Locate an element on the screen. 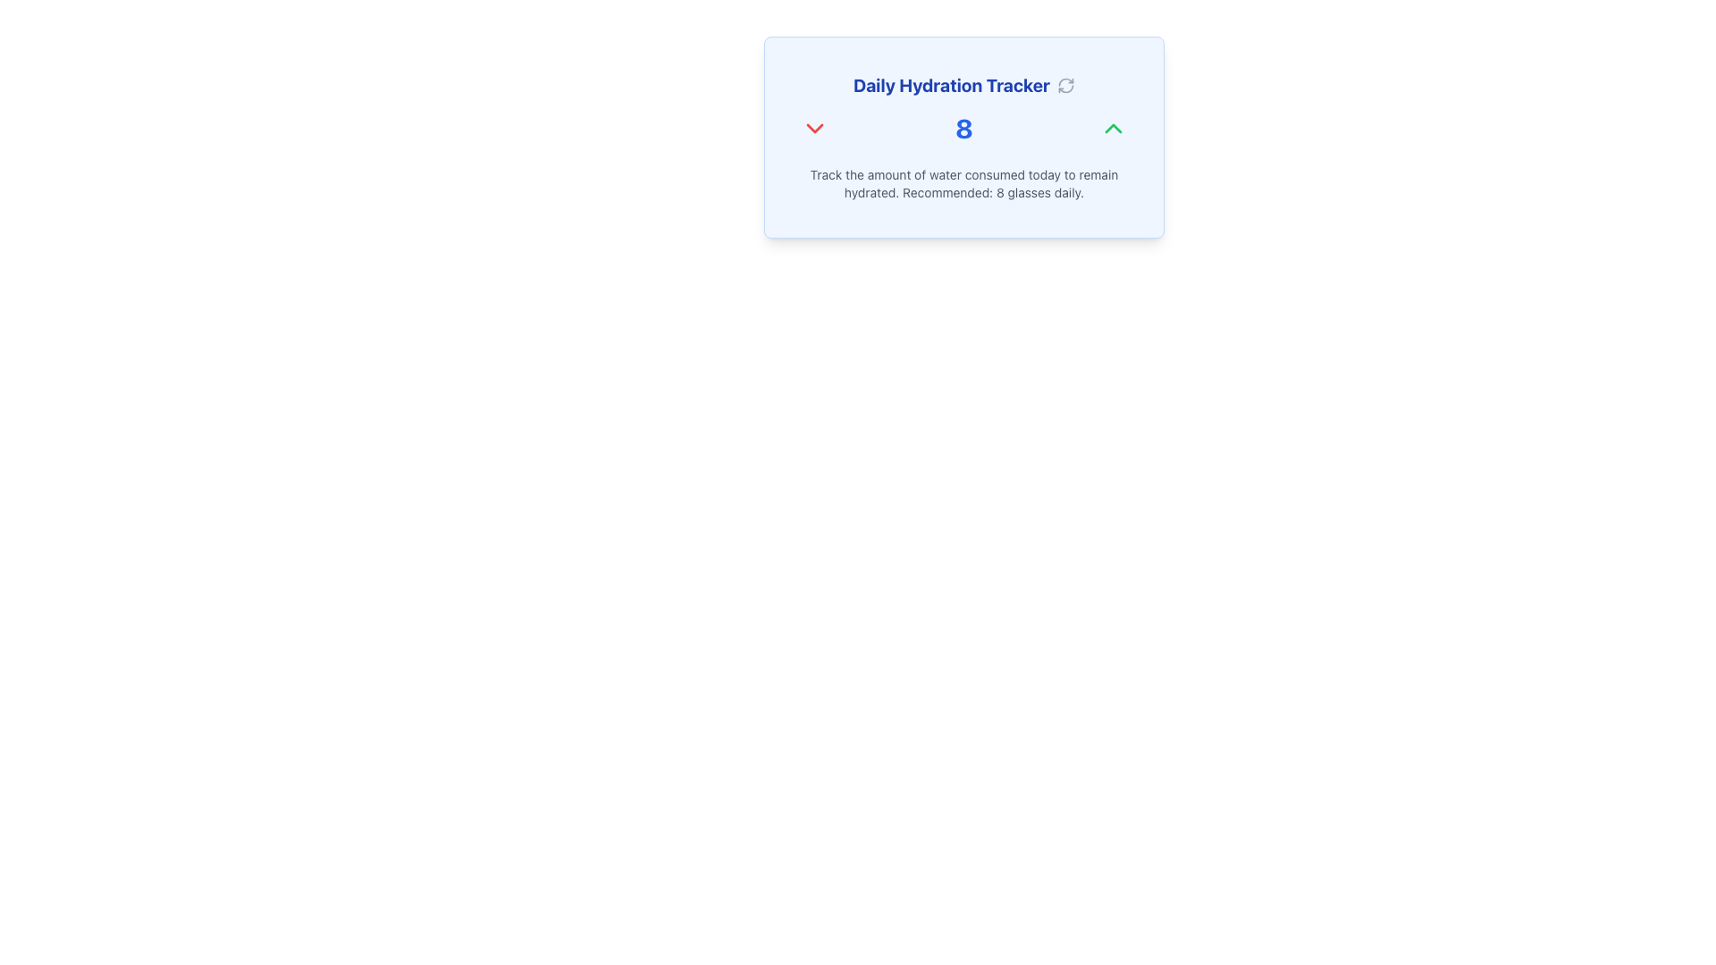  the text label at the top-center of the hydration tracking section, which serves as a title or heading is located at coordinates (963, 86).